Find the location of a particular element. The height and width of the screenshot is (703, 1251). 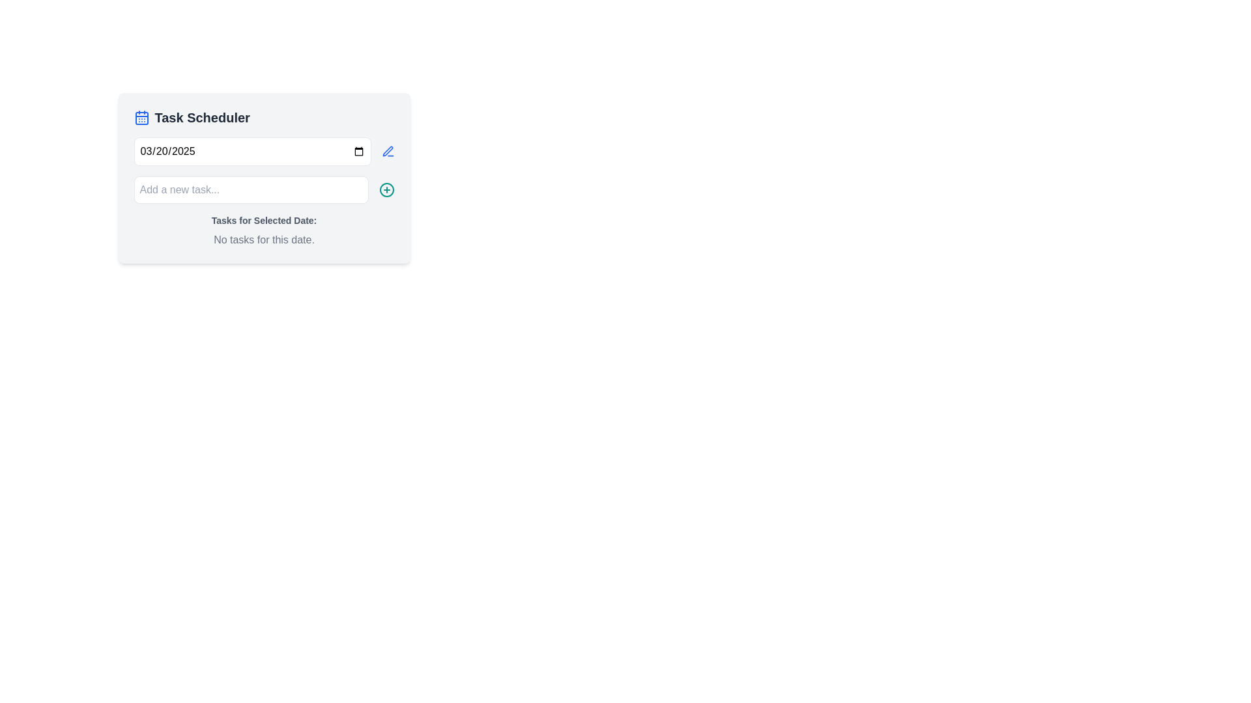

the blue pen icon representing the editing function is located at coordinates (387, 150).